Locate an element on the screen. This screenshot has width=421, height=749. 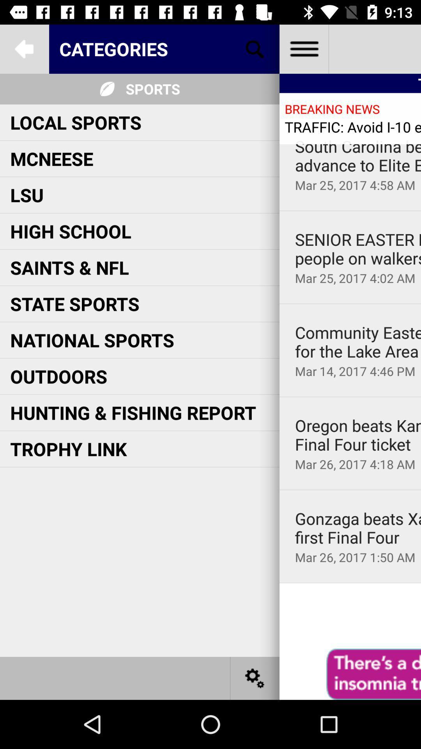
the arrow_backward icon is located at coordinates (24, 48).